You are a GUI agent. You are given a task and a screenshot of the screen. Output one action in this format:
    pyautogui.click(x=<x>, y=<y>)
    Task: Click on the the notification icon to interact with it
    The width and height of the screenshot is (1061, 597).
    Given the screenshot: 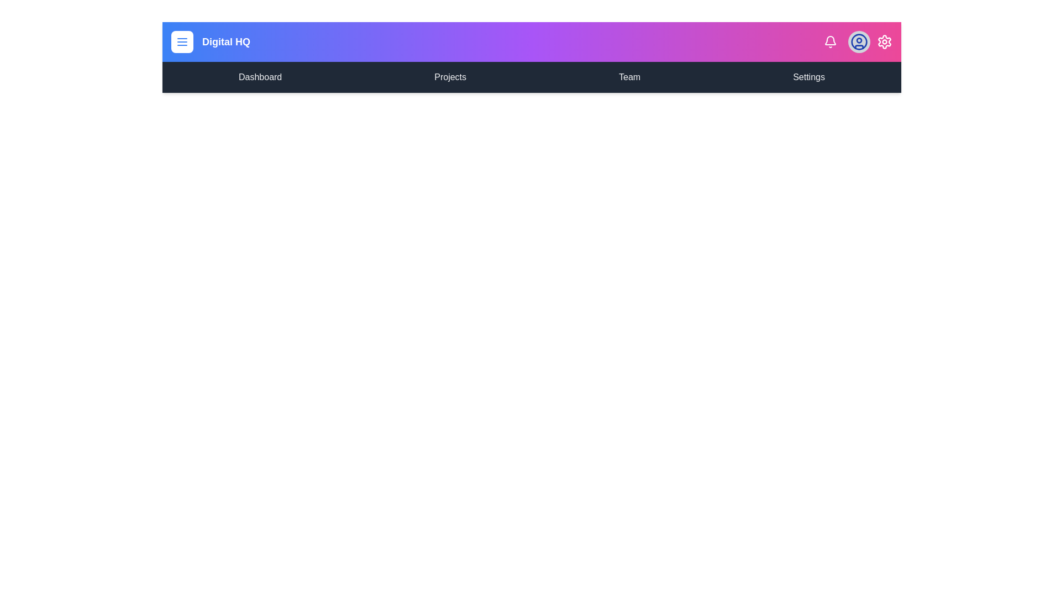 What is the action you would take?
    pyautogui.click(x=830, y=41)
    